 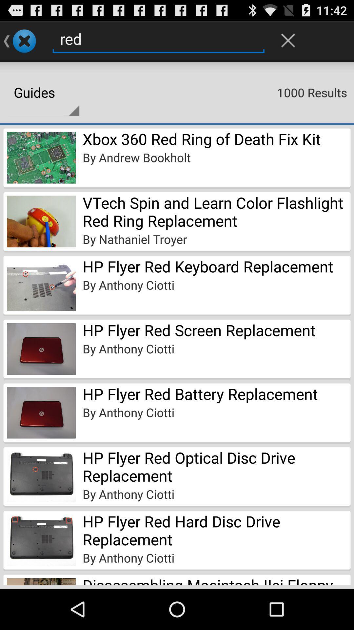 What do you see at coordinates (216, 211) in the screenshot?
I see `the vtech spin and icon` at bounding box center [216, 211].